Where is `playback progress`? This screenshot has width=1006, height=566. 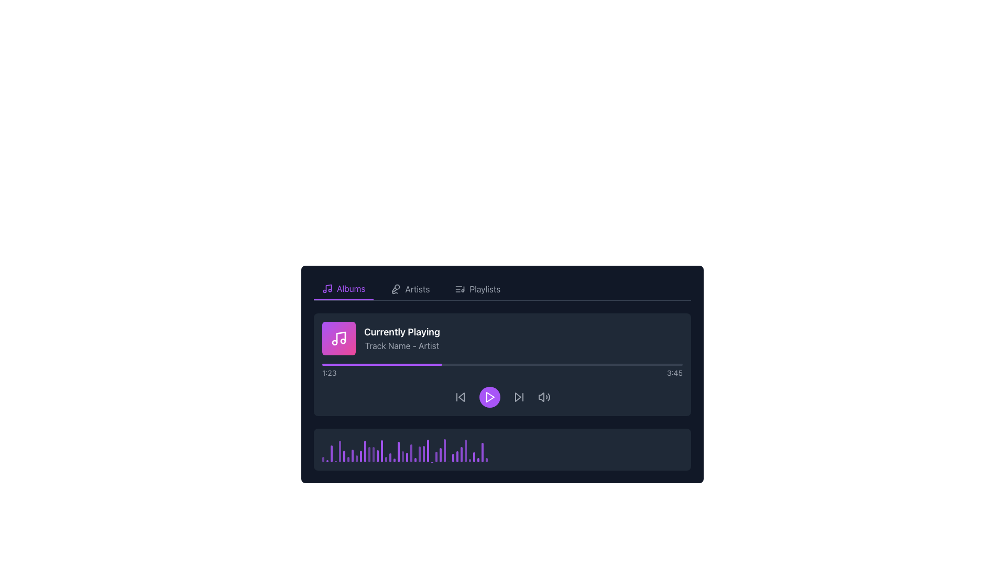
playback progress is located at coordinates (566, 364).